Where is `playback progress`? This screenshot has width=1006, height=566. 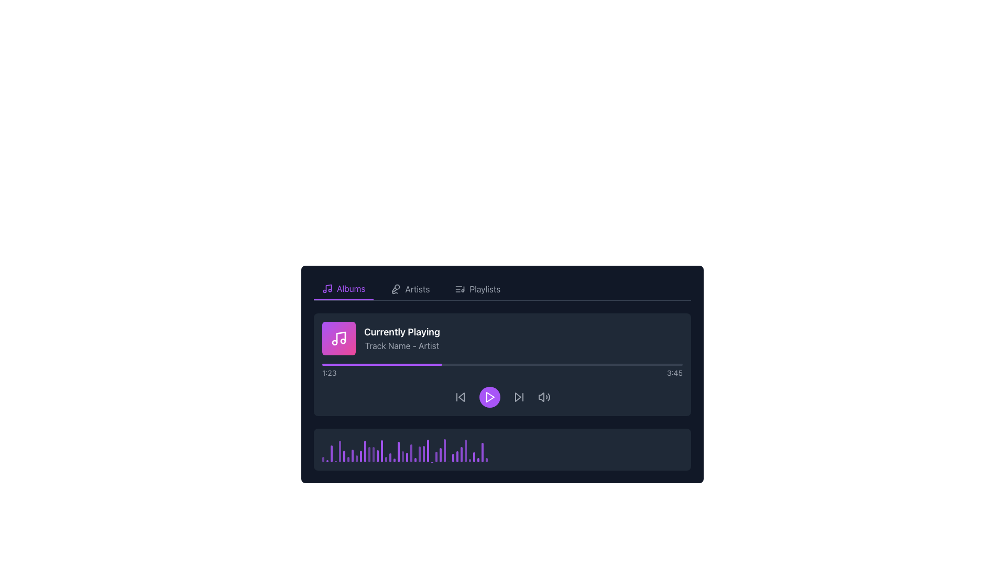
playback progress is located at coordinates (566, 364).